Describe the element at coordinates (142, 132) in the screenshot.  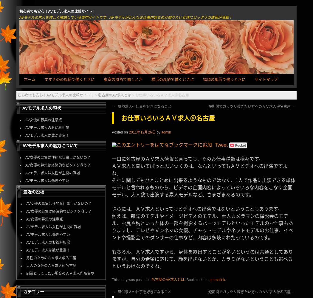
I see `'2011年12月26日'` at that location.